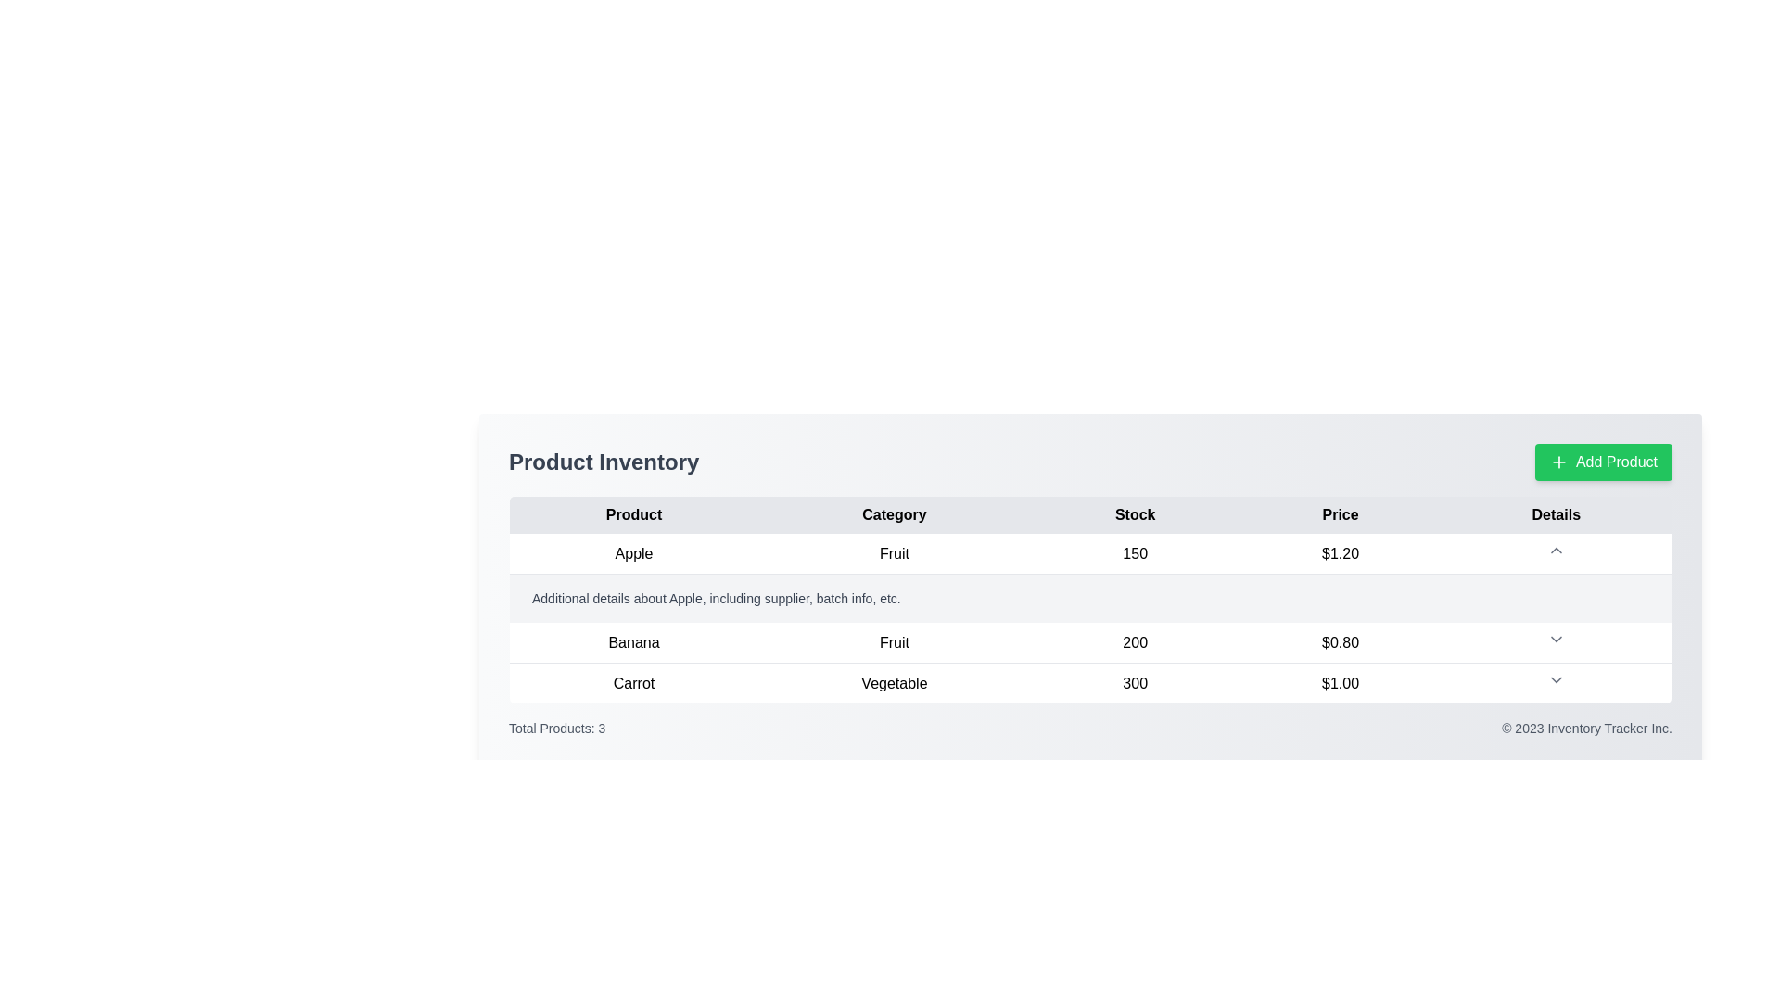 The height and width of the screenshot is (1001, 1780). I want to click on the small triangular icon resembling an upward-pointing arrow in the 'Details' column for the 'Apple' product, so click(1557, 552).